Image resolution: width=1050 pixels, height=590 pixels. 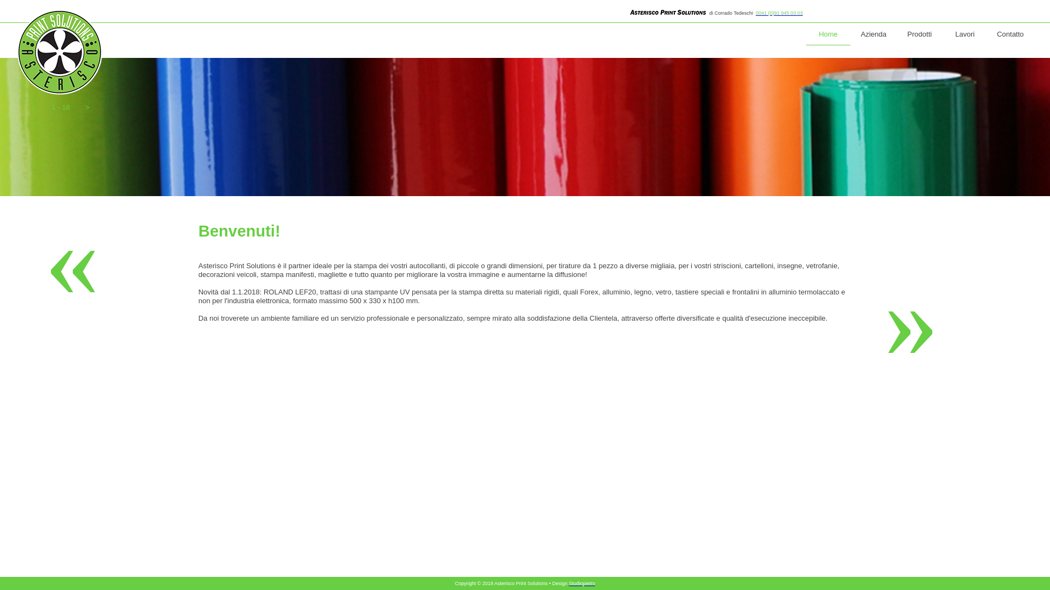 I want to click on 'Home', so click(x=828, y=34).